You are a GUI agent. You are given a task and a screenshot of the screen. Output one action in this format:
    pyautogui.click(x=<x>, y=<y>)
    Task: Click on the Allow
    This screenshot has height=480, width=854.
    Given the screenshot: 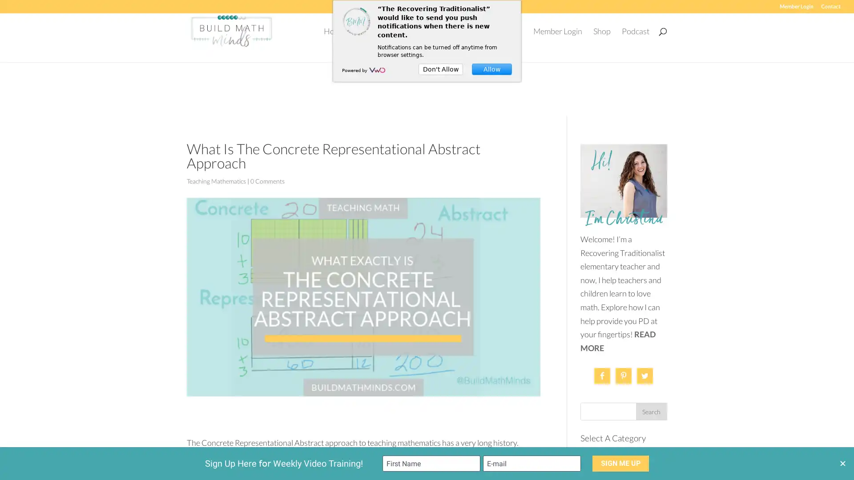 What is the action you would take?
    pyautogui.click(x=491, y=68)
    